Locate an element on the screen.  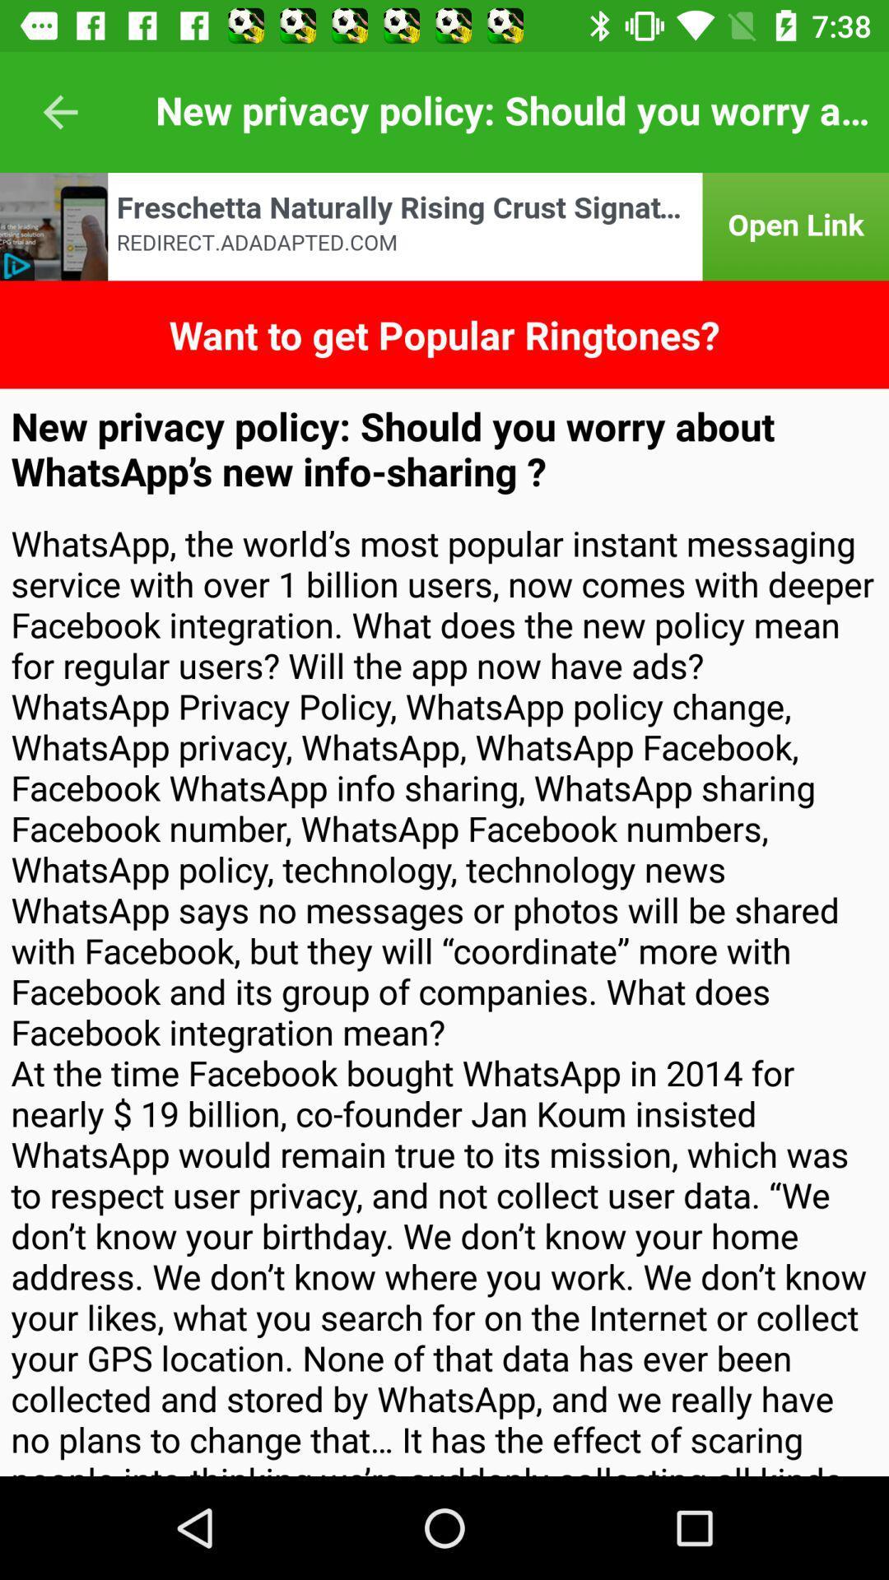
search bar is located at coordinates (444, 225).